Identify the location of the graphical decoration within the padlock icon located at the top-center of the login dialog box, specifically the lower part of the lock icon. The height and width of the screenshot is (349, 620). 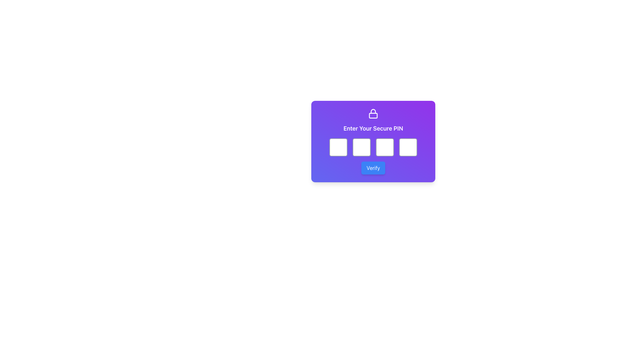
(373, 115).